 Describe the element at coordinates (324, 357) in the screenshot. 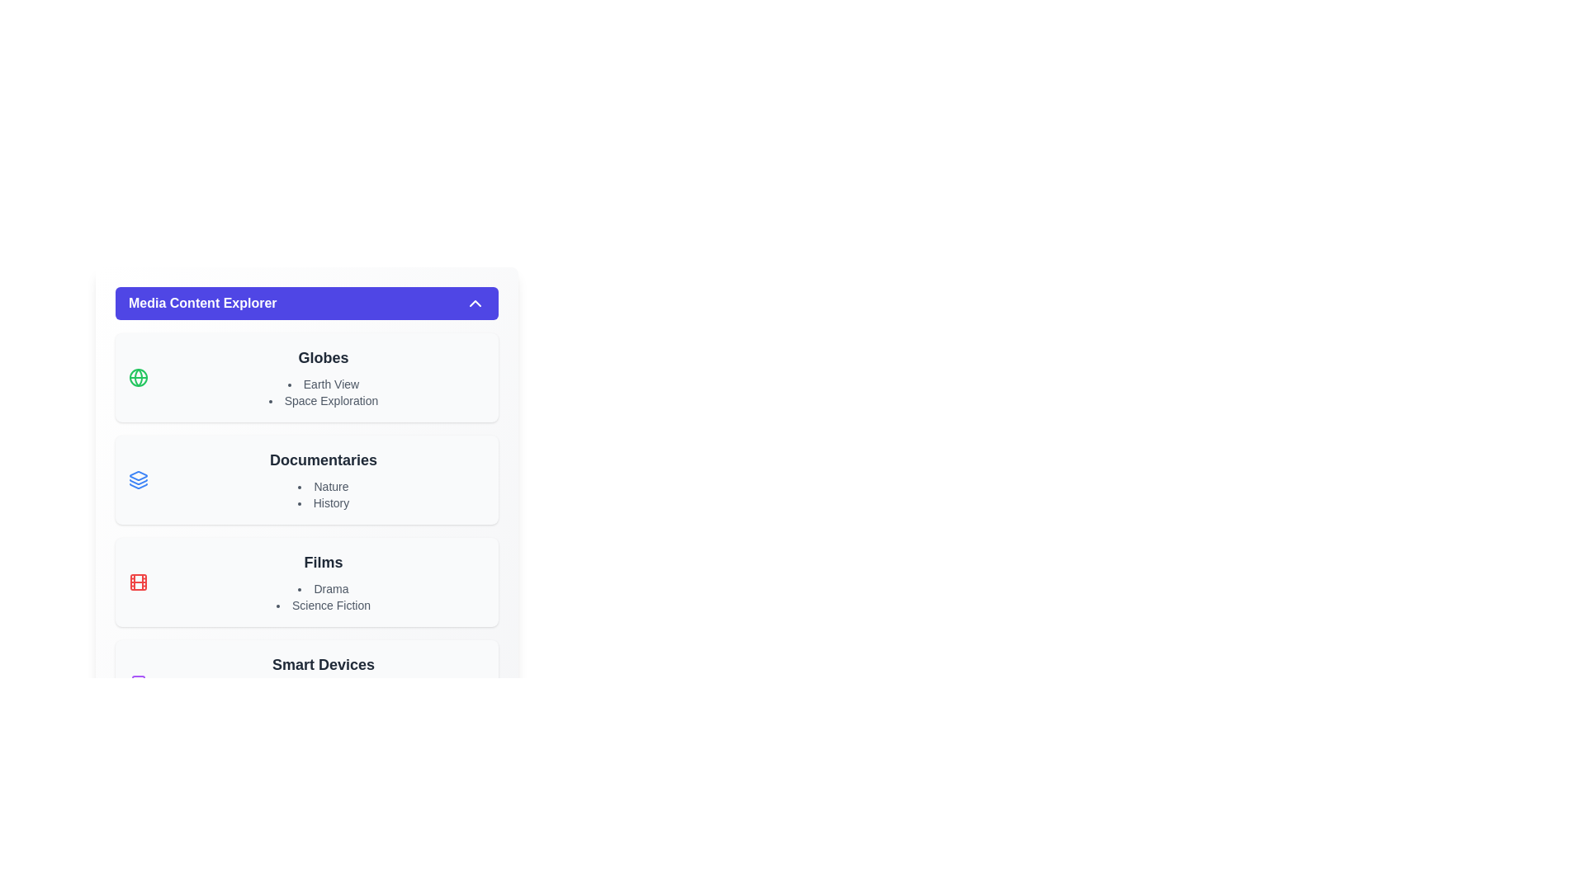

I see `text label element that displays 'Globes', which is bold and dark gray in a large font size, positioned above 'Earth View' and 'Space Exploration'` at that location.